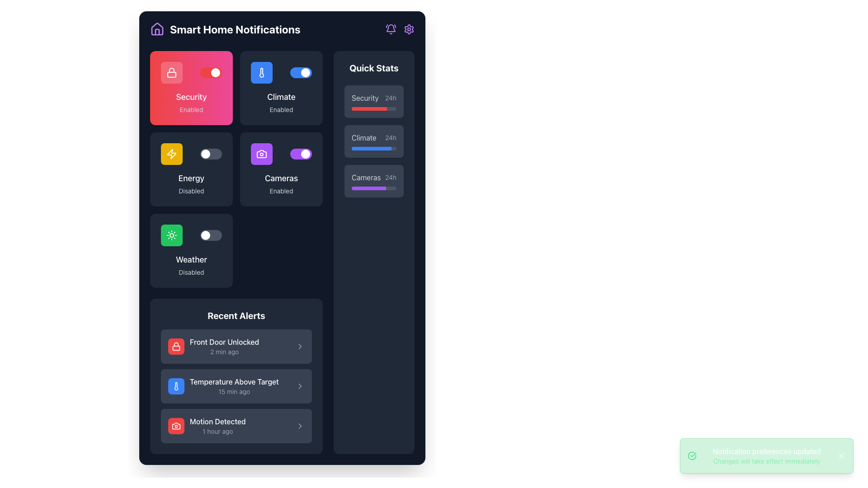 This screenshot has width=868, height=488. I want to click on the rightmost circular toggle of the 'Security' feature toggle switch, which is highlighted with a gradient red-pink background, so click(306, 72).